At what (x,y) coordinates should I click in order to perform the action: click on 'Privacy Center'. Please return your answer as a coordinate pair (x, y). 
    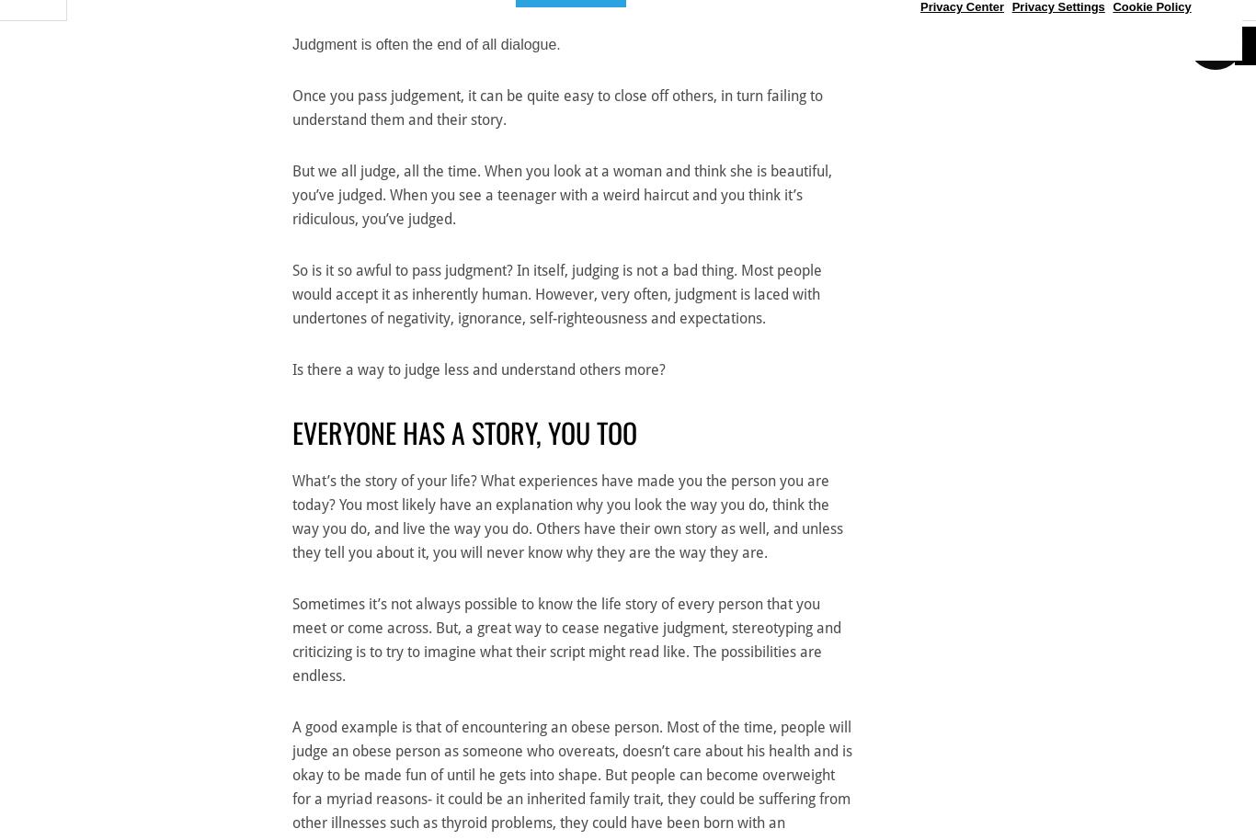
    Looking at the image, I should click on (920, 6).